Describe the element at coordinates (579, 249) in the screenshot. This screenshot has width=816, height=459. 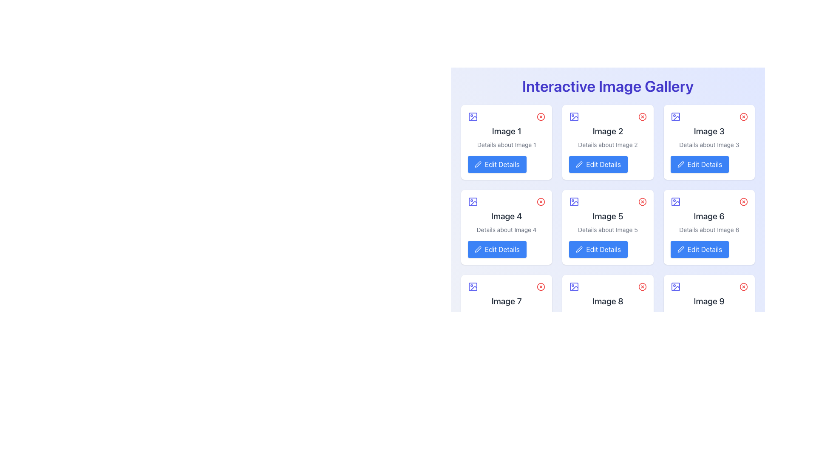
I see `the edit icon located on the left side of the 'Edit Details' button within the card labeled 'Image 5' in the interactive image gallery` at that location.